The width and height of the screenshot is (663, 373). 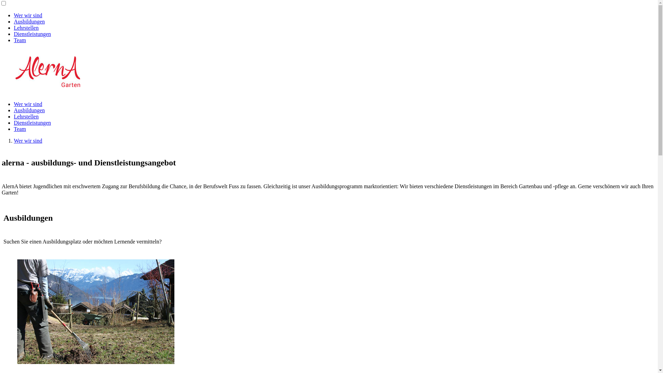 What do you see at coordinates (32, 122) in the screenshot?
I see `'Dienstleistungen'` at bounding box center [32, 122].